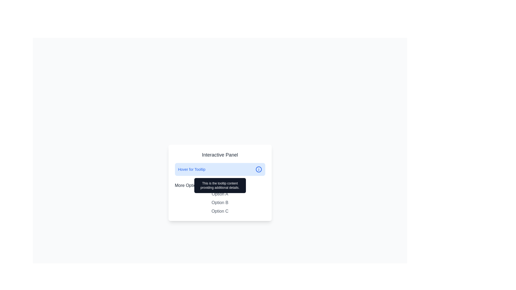  What do you see at coordinates (259, 169) in the screenshot?
I see `the icon located at the far-right of the blue rectangular button labeled 'Hover for Tooltip', which serves as a visual indicator for additional information or help` at bounding box center [259, 169].